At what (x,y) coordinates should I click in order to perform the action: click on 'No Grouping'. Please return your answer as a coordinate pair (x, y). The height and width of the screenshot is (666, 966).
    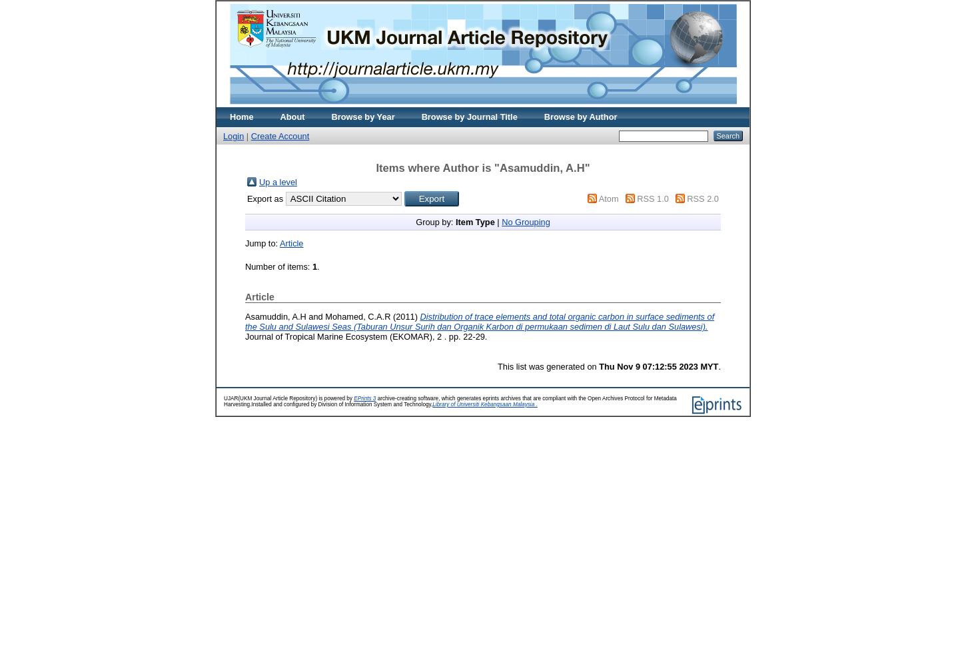
    Looking at the image, I should click on (525, 220).